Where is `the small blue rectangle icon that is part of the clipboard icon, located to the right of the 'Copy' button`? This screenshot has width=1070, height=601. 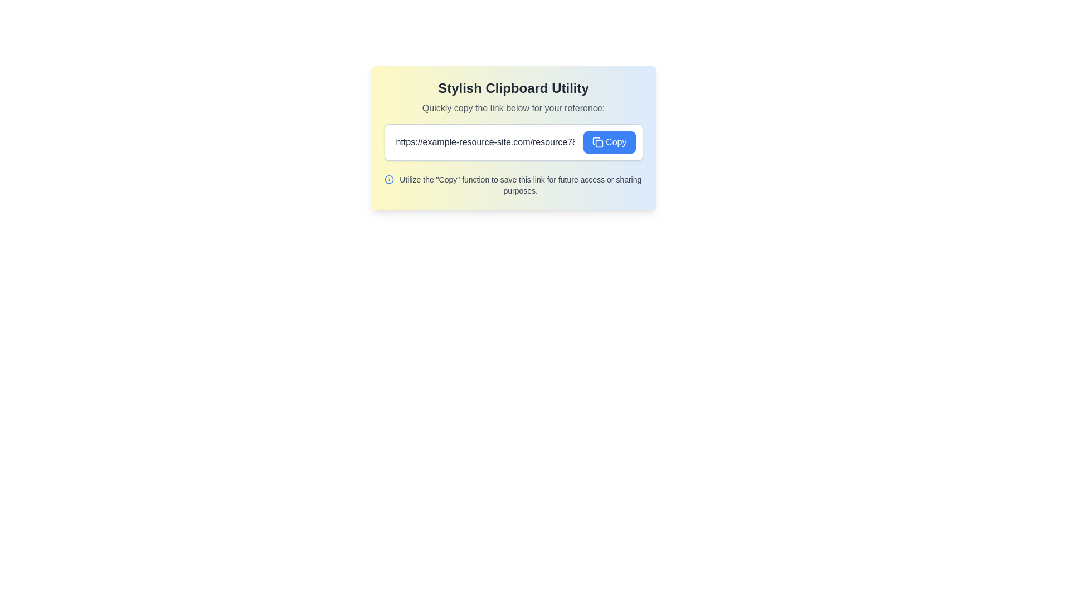
the small blue rectangle icon that is part of the clipboard icon, located to the right of the 'Copy' button is located at coordinates (599, 143).